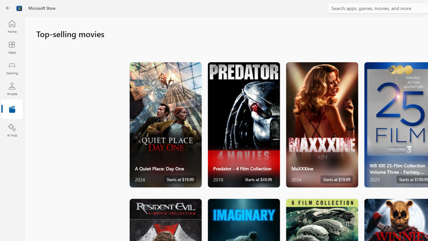 The width and height of the screenshot is (428, 241). Describe the element at coordinates (8, 8) in the screenshot. I see `'Back'` at that location.